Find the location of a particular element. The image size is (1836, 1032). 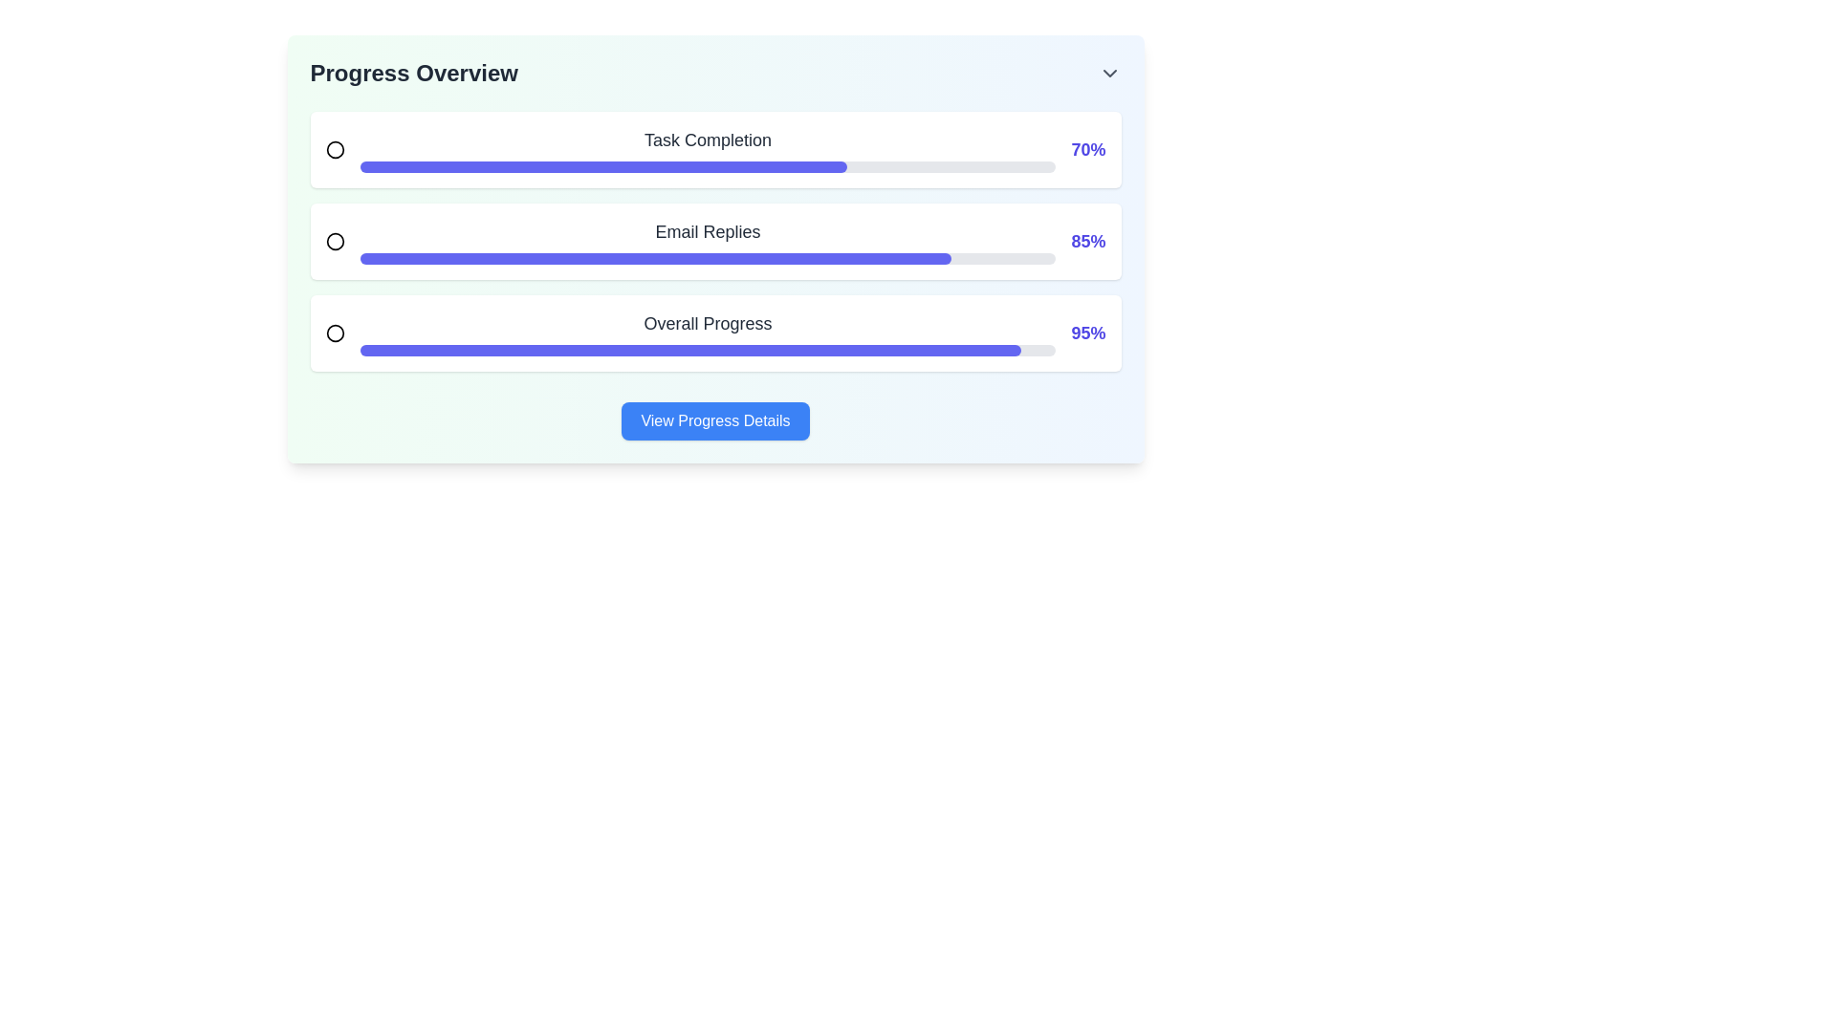

progress completion text '70%' from the first Progress Tracker Card displaying 'Task Completion' in the Progress Overview is located at coordinates (714, 149).